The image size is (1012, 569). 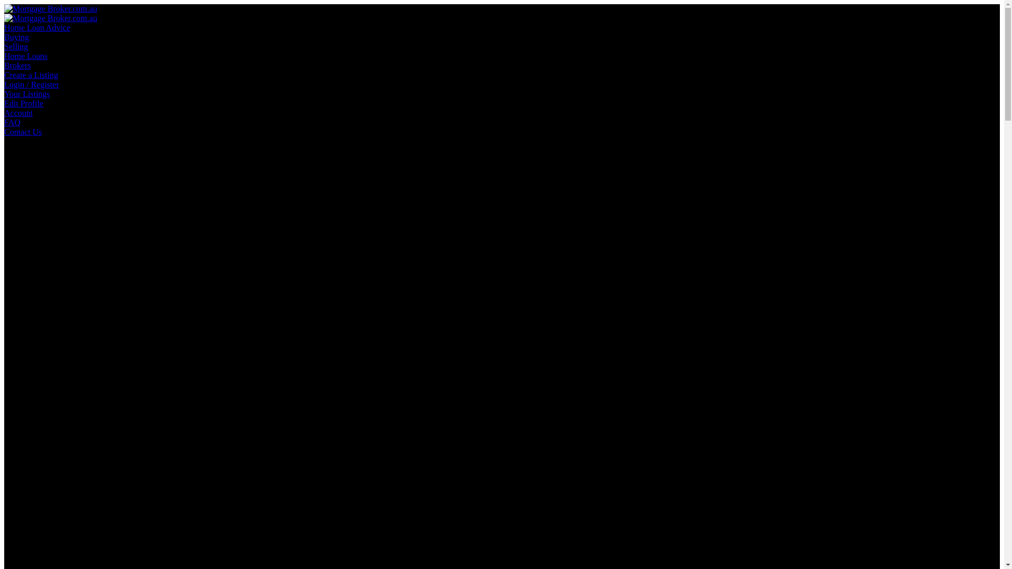 What do you see at coordinates (23, 103) in the screenshot?
I see `'Edit Profile'` at bounding box center [23, 103].